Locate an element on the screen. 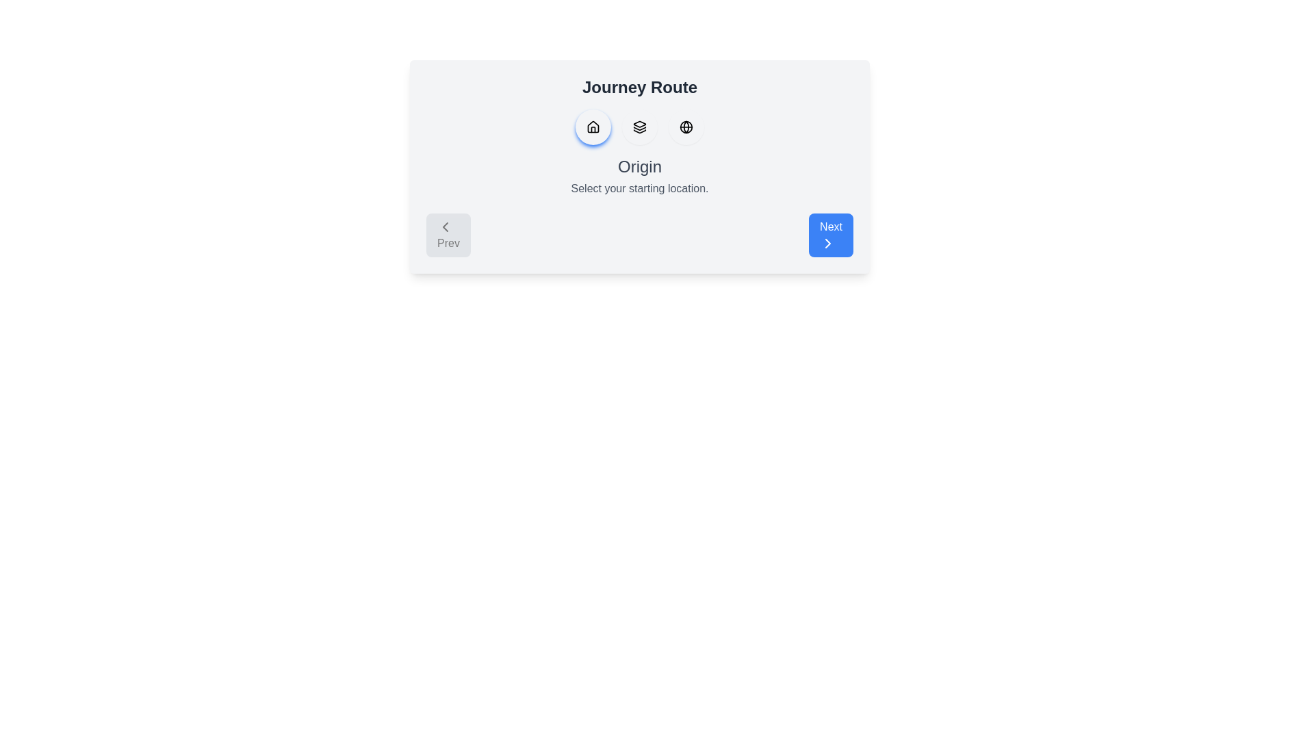 The image size is (1314, 739). the black layered stack design SVG icon located in the second position of a horizontal row of three icons, positioned between a house icon and a globe icon is located at coordinates (639, 127).